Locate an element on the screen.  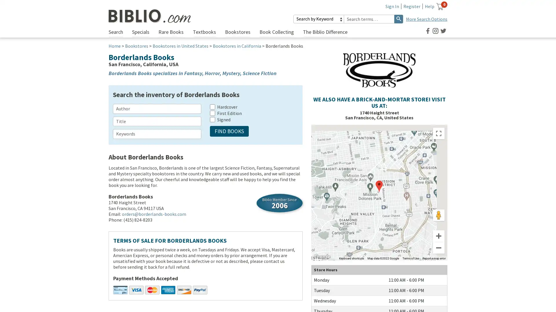
FIND BOOKS is located at coordinates (229, 131).